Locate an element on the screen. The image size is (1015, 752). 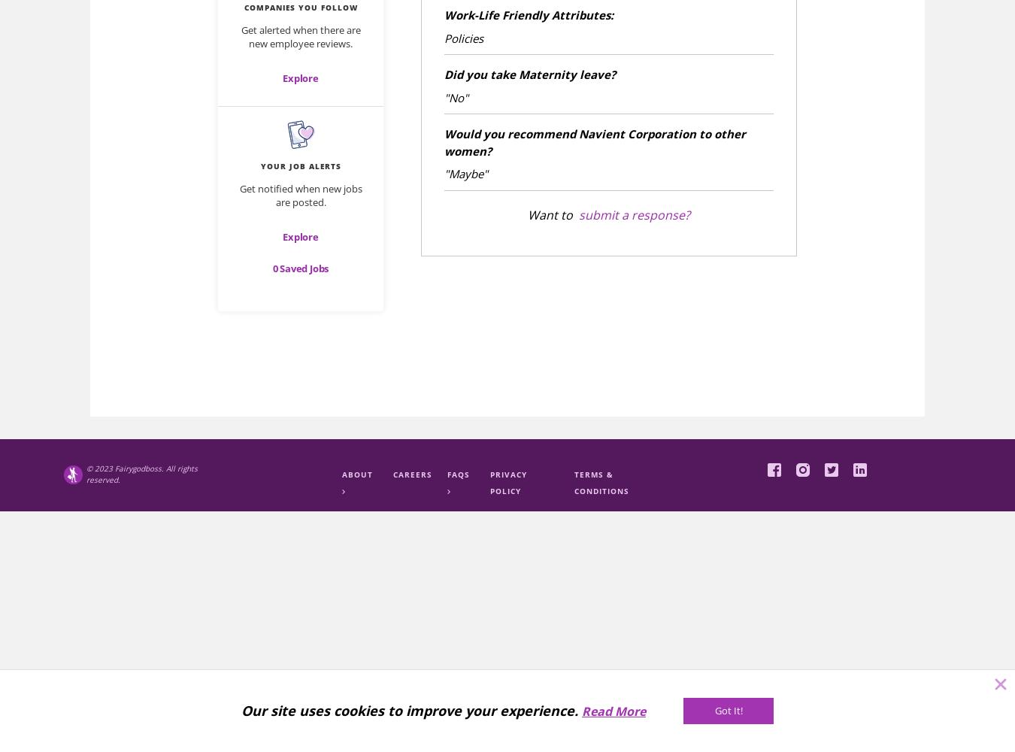
'Our site uses cookies to improve your experience.' is located at coordinates (408, 710).